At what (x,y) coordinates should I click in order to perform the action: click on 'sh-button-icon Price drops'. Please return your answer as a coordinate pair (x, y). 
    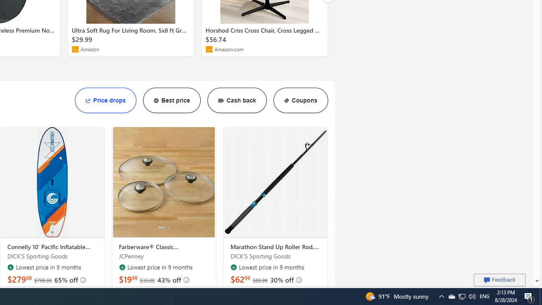
    Looking at the image, I should click on (105, 100).